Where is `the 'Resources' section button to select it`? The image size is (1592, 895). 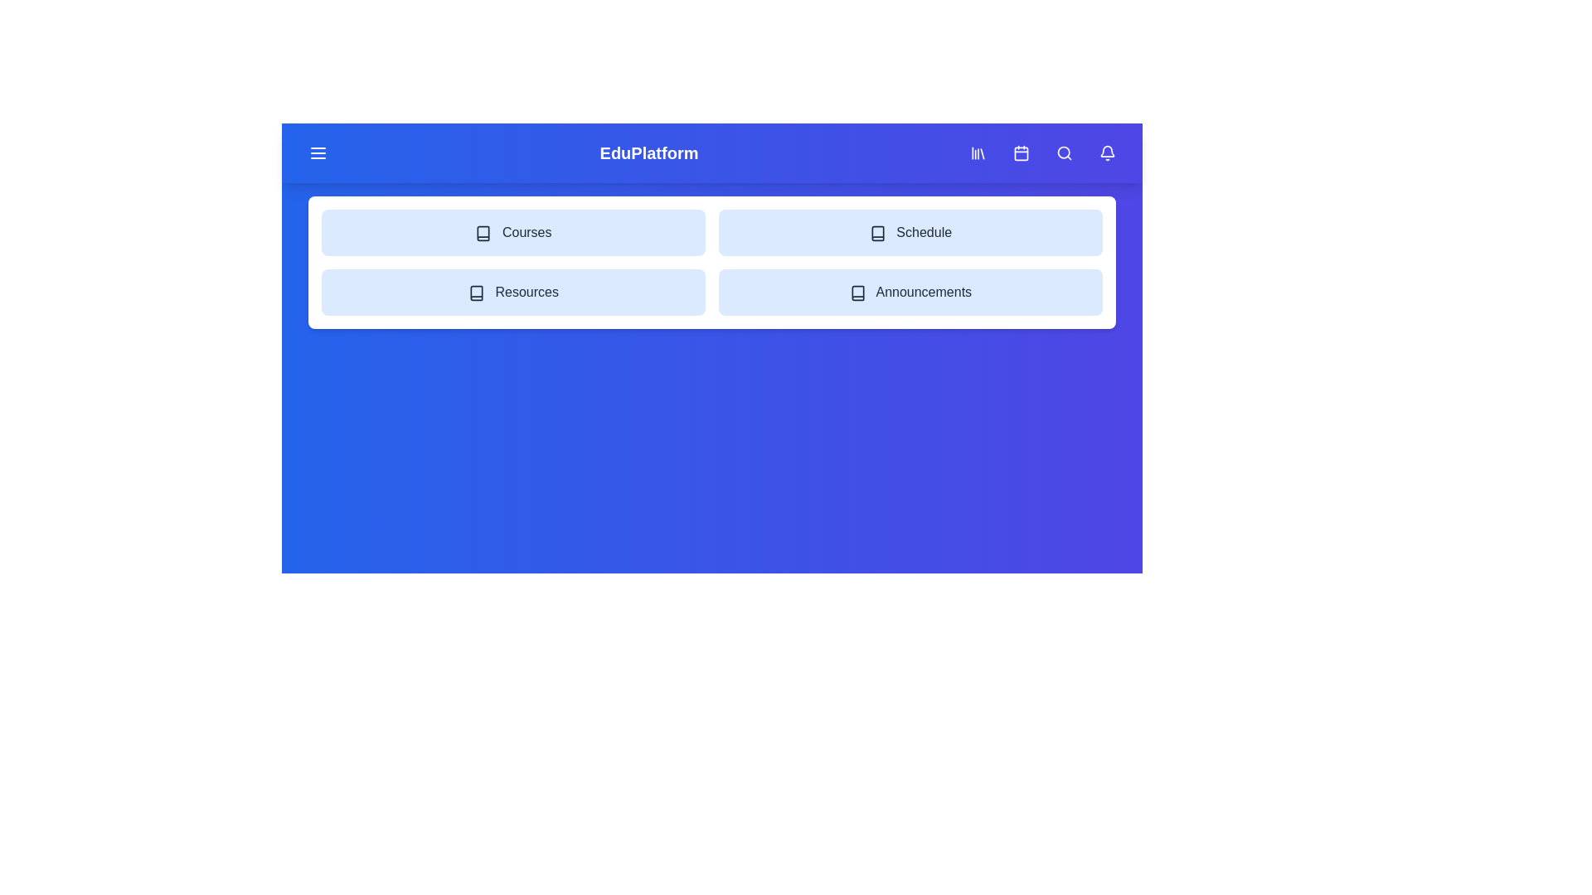
the 'Resources' section button to select it is located at coordinates (512, 292).